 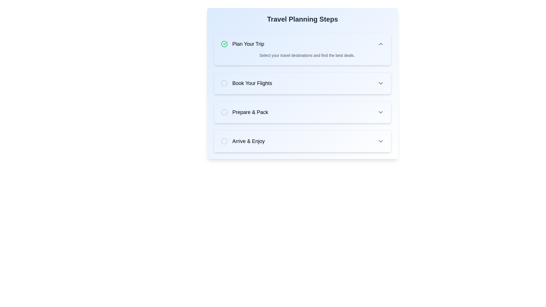 I want to click on the step indicator icon located at the top-left corner of the 'Book Your Flights' section, before the text label, so click(x=224, y=83).